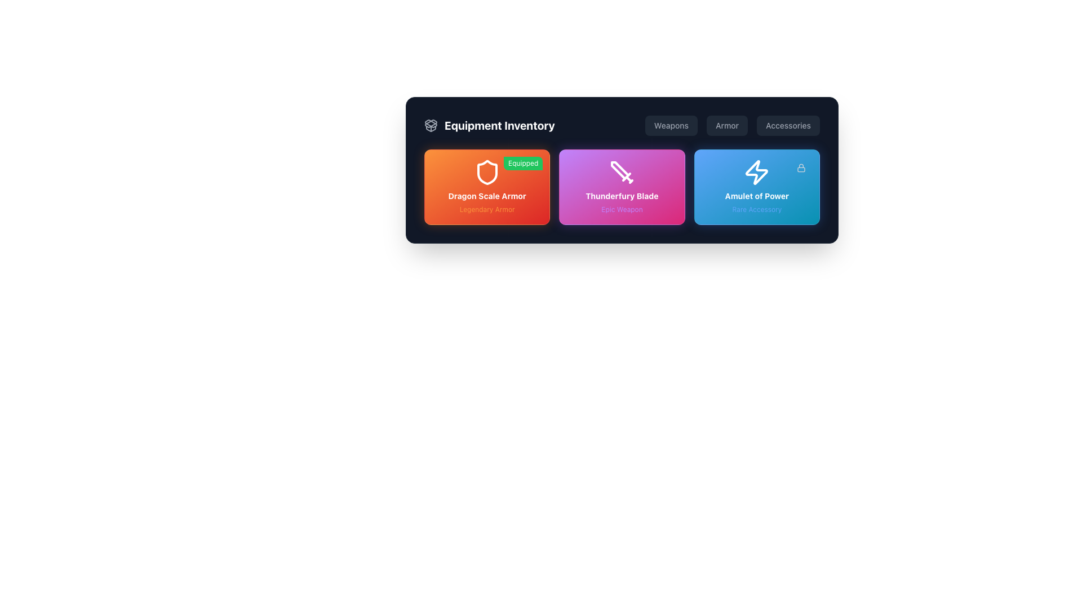 This screenshot has width=1082, height=609. I want to click on the 'Thunderfury Blade' text label located in the central purple card of the 'Equipment Inventory' section, so click(622, 195).